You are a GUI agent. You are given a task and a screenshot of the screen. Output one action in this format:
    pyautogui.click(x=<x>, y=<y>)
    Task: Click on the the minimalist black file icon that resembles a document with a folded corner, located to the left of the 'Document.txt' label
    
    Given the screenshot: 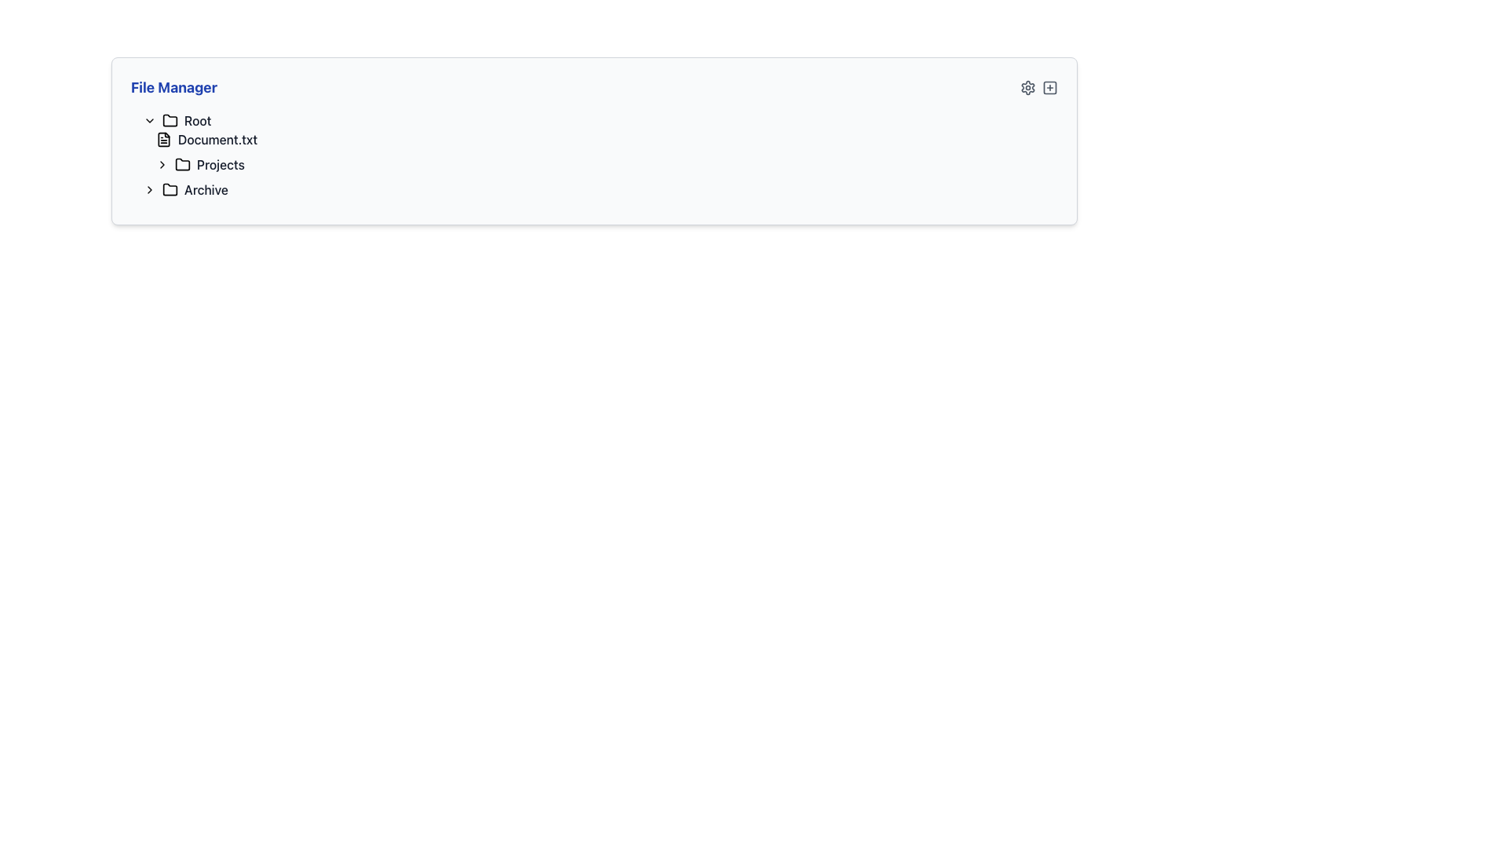 What is the action you would take?
    pyautogui.click(x=164, y=138)
    